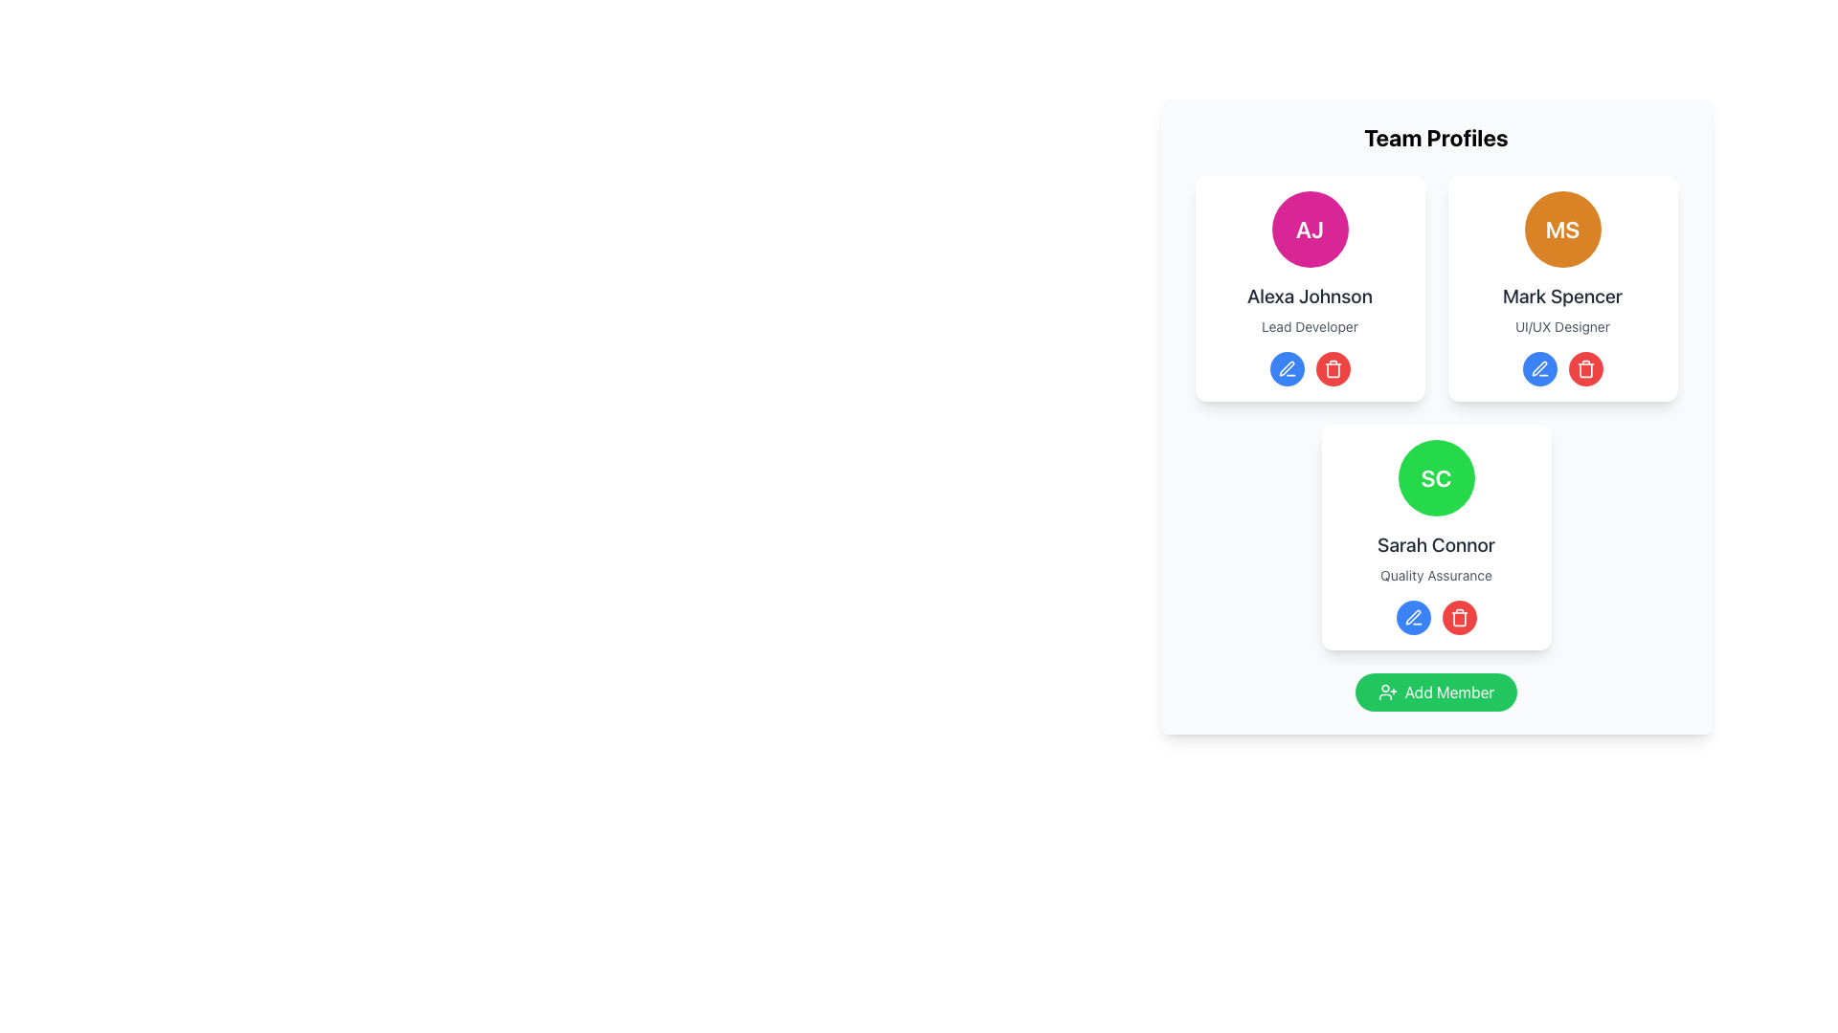  I want to click on the text label displaying 'Mark Spencer', which is positioned below the orange circular avatar with initials 'MS' in the right-side card among the three displayed cards, so click(1562, 296).